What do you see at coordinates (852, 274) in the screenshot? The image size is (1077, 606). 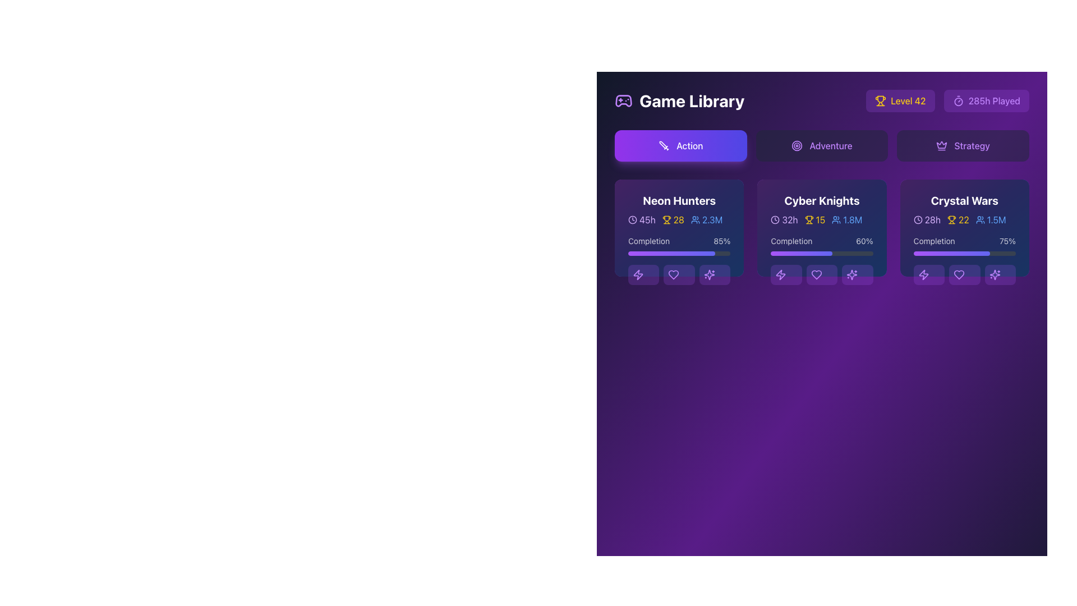 I see `the last icon button in the action button group beneath the 'Cyber Knights' game card` at bounding box center [852, 274].